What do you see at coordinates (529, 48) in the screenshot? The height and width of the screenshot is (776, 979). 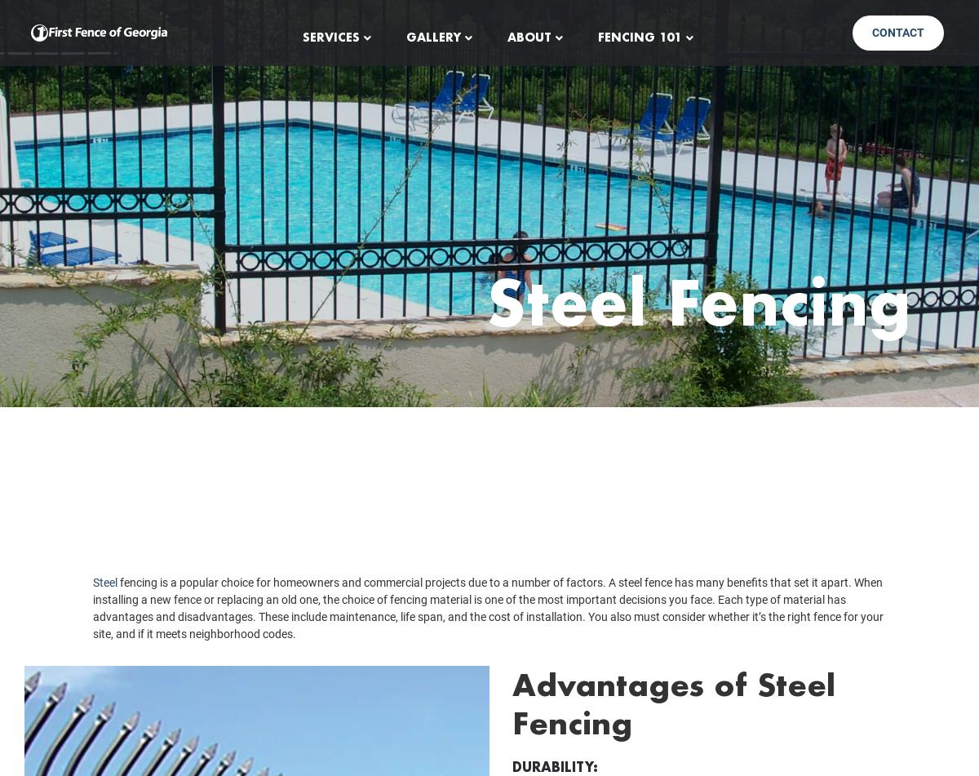 I see `'About'` at bounding box center [529, 48].